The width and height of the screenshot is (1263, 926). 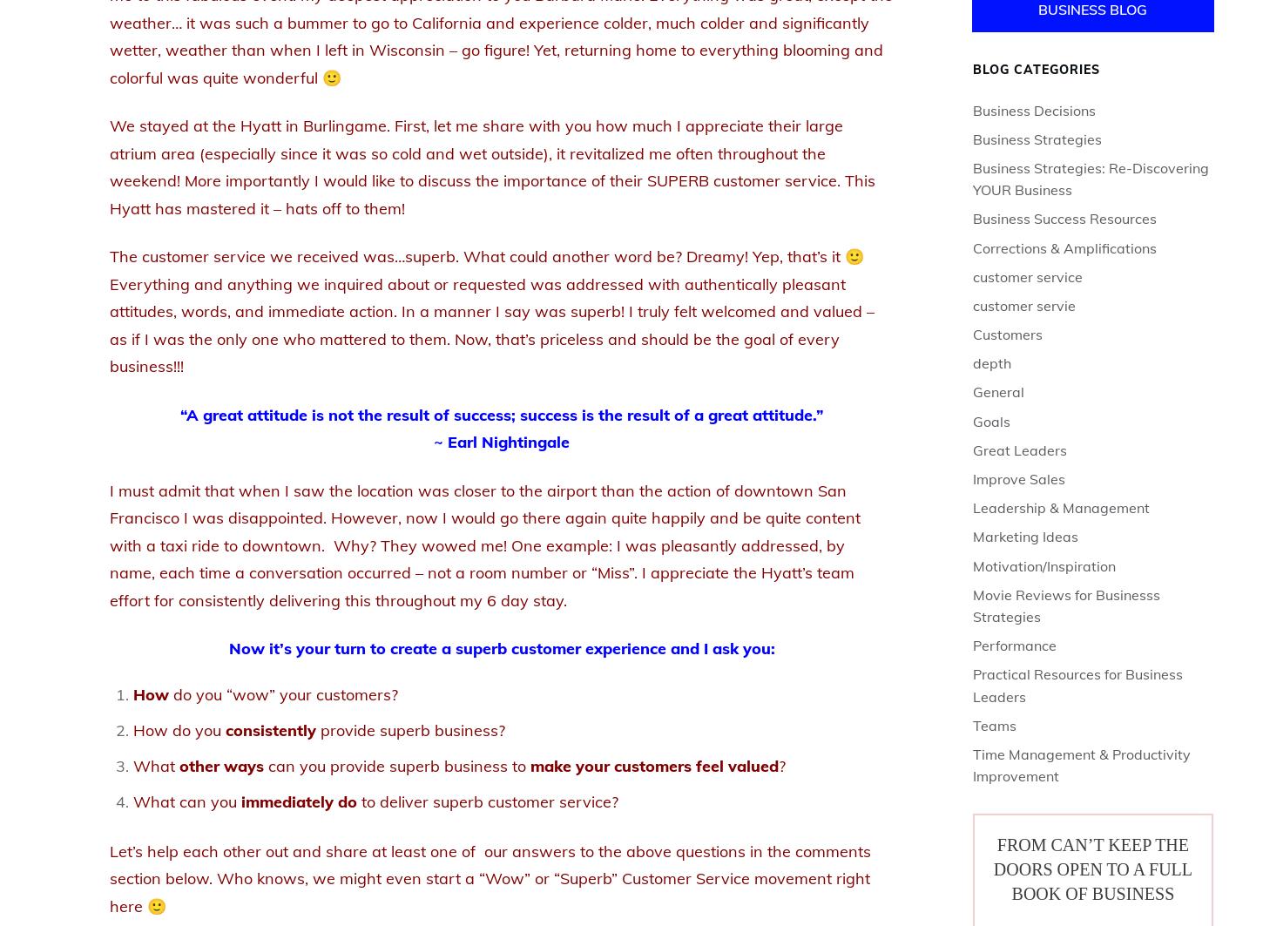 What do you see at coordinates (990, 421) in the screenshot?
I see `'Goals'` at bounding box center [990, 421].